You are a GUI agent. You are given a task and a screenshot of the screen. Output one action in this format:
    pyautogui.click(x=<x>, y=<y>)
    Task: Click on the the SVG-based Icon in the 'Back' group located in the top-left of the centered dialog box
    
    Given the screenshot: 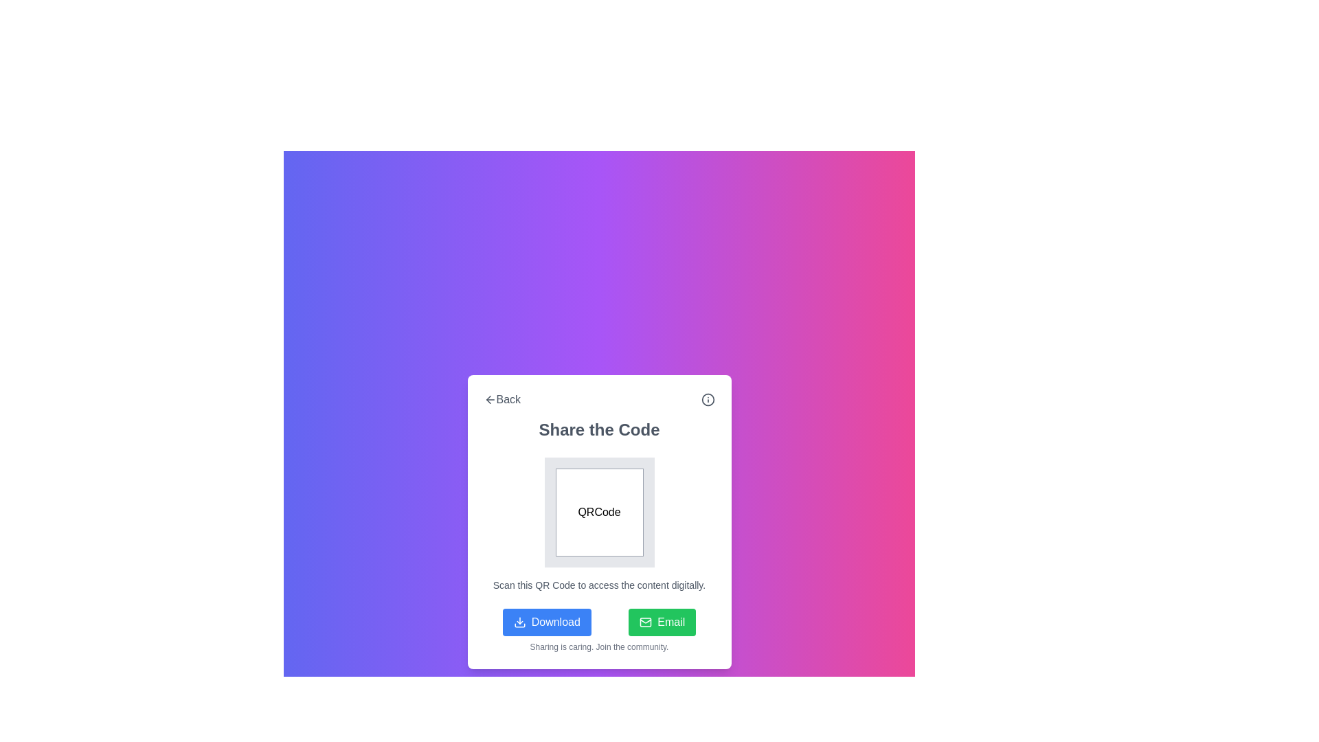 What is the action you would take?
    pyautogui.click(x=490, y=400)
    